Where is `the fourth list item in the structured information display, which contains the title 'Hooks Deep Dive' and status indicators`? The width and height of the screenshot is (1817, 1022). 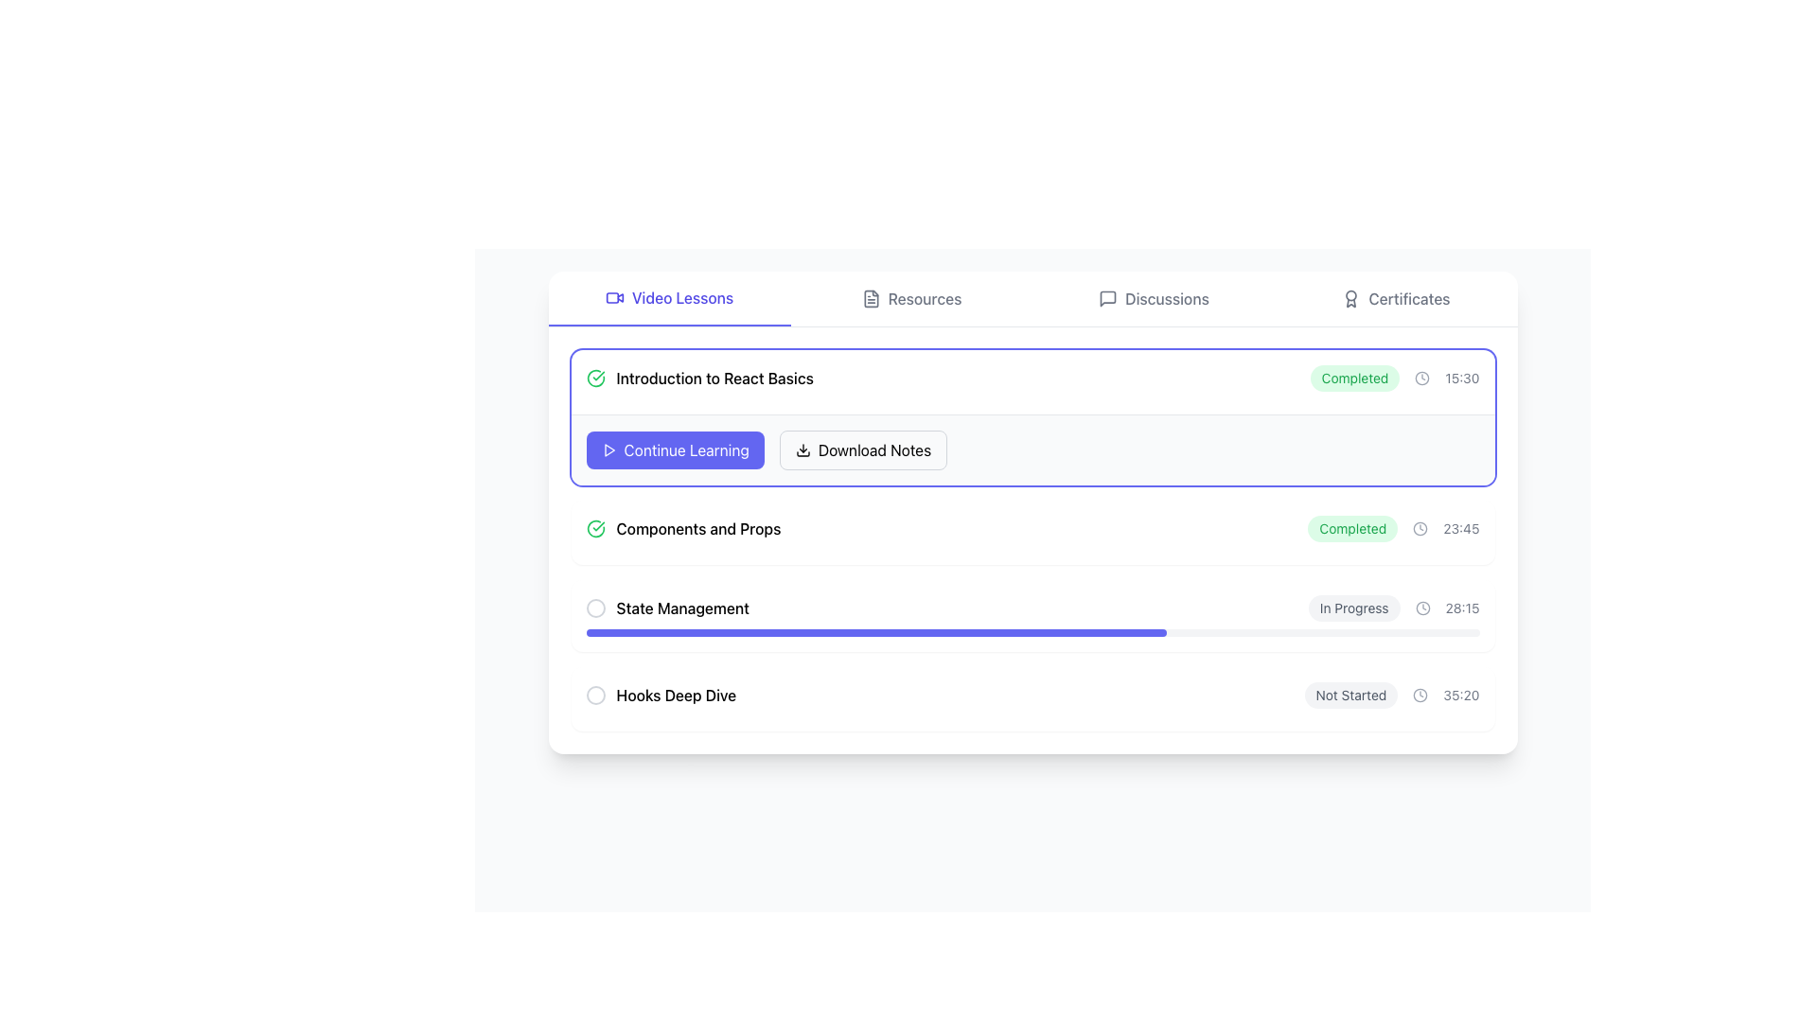
the fourth list item in the structured information display, which contains the title 'Hooks Deep Dive' and status indicators is located at coordinates (1032, 699).